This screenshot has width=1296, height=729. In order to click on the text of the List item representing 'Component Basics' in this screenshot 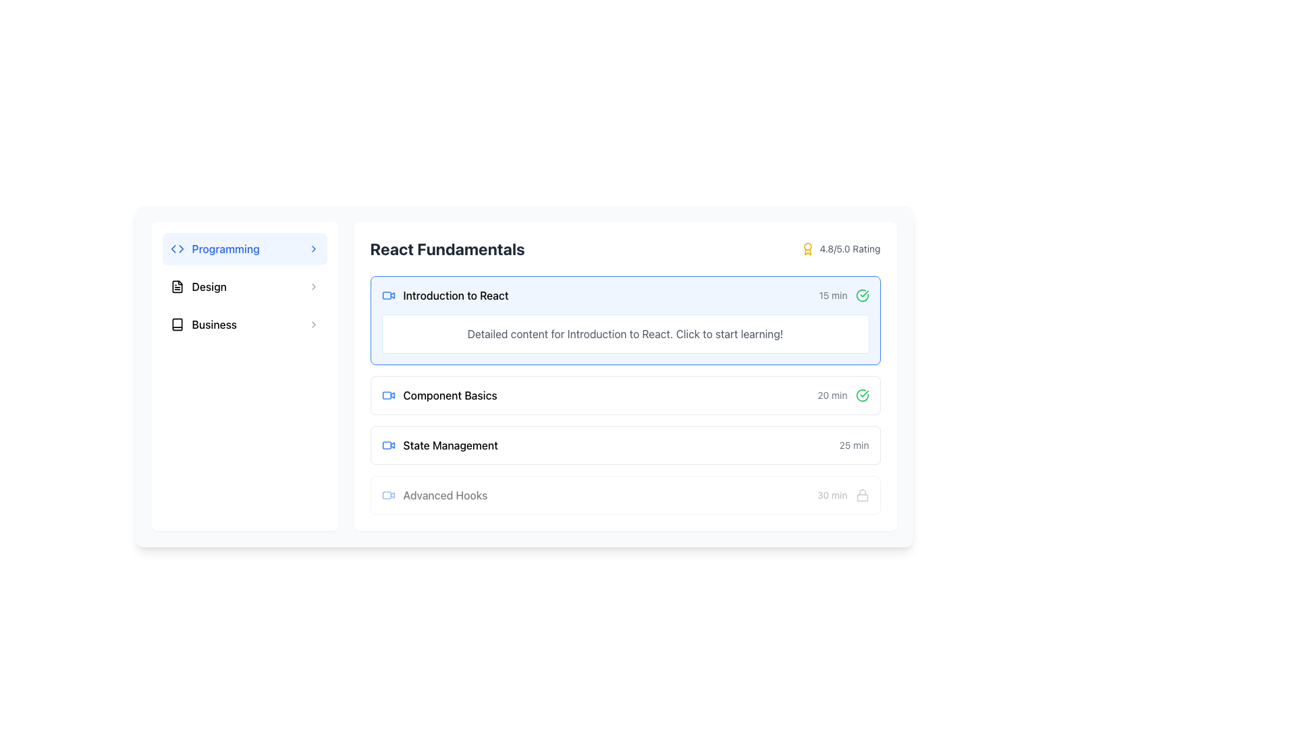, I will do `click(439, 395)`.